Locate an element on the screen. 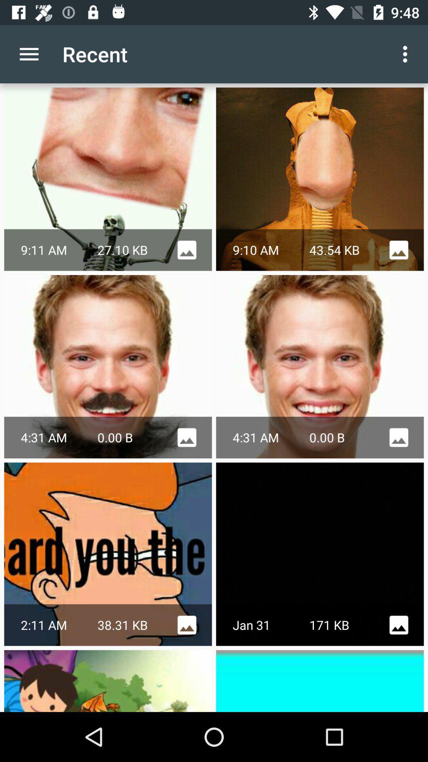  item next to recent app is located at coordinates (407, 54).